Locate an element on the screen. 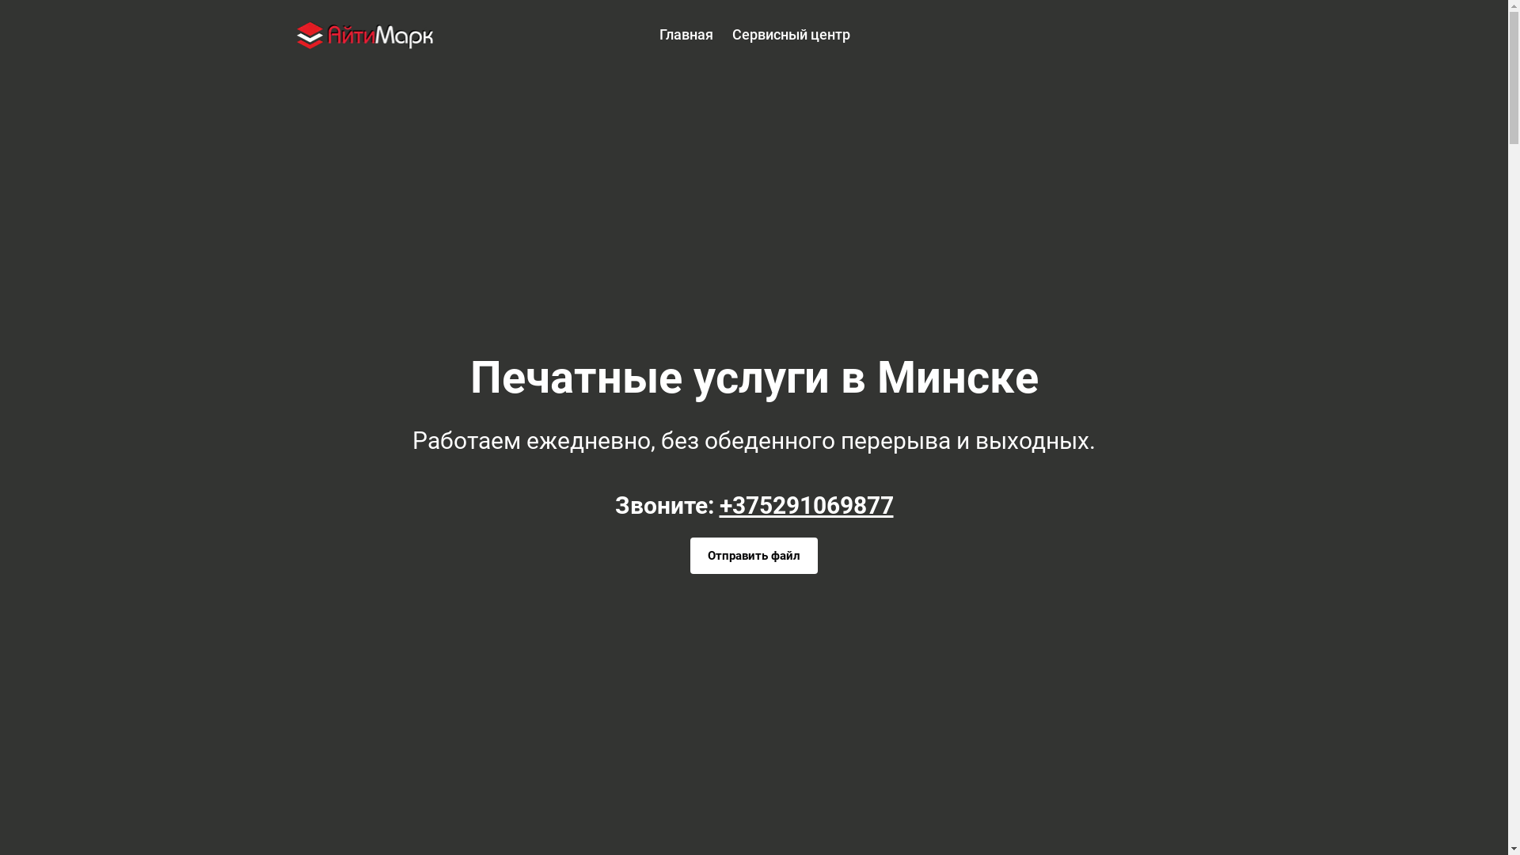 Image resolution: width=1520 pixels, height=855 pixels. '+375291069877' is located at coordinates (805, 505).